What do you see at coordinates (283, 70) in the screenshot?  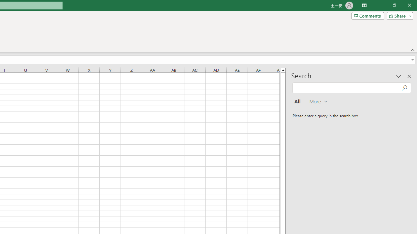 I see `'Line up'` at bounding box center [283, 70].